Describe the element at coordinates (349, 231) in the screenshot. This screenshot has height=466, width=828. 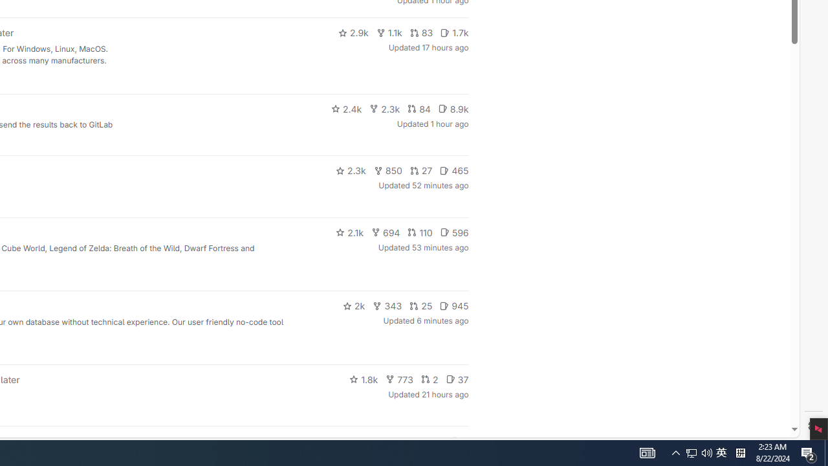
I see `'2.1k'` at that location.